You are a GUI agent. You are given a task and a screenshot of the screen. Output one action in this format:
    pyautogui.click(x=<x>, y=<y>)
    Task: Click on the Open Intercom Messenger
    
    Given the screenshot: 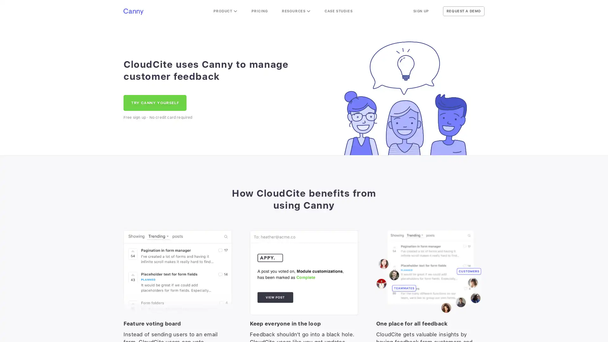 What is the action you would take?
    pyautogui.click(x=592, y=326)
    